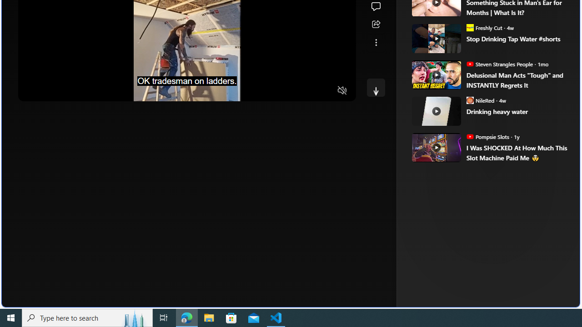  I want to click on 'Pompsie Slots Pompsie Slots', so click(487, 136).